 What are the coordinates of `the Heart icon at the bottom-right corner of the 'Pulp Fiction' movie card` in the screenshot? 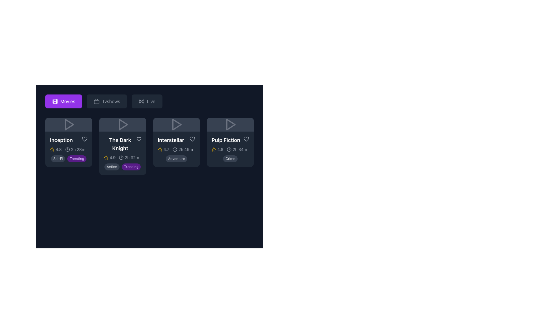 It's located at (246, 139).